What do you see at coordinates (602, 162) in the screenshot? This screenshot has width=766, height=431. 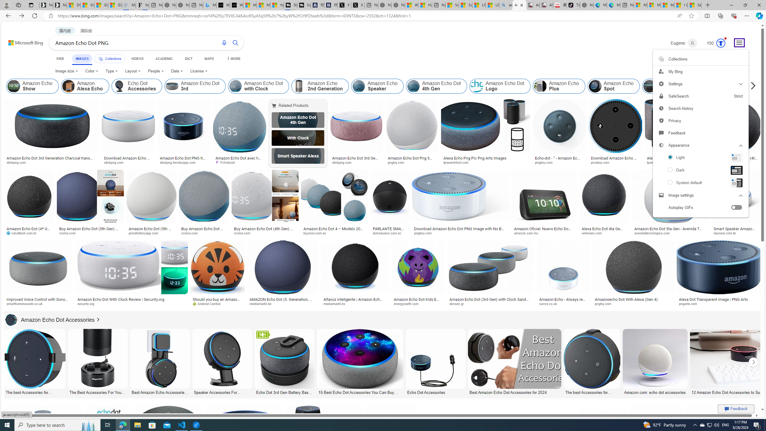 I see `'pixabay.com'` at bounding box center [602, 162].